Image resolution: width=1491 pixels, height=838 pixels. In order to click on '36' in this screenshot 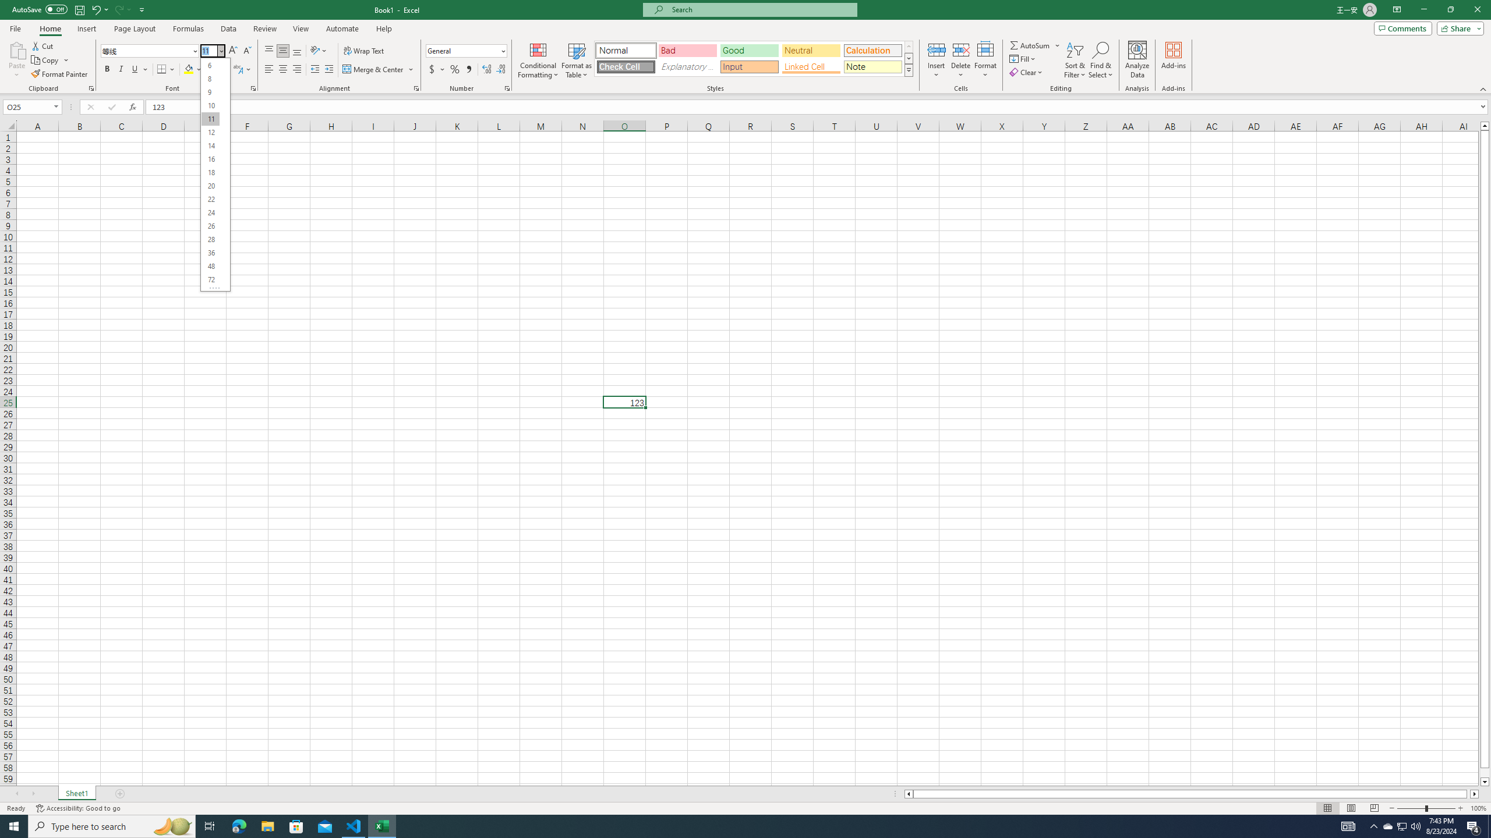, I will do `click(209, 252)`.